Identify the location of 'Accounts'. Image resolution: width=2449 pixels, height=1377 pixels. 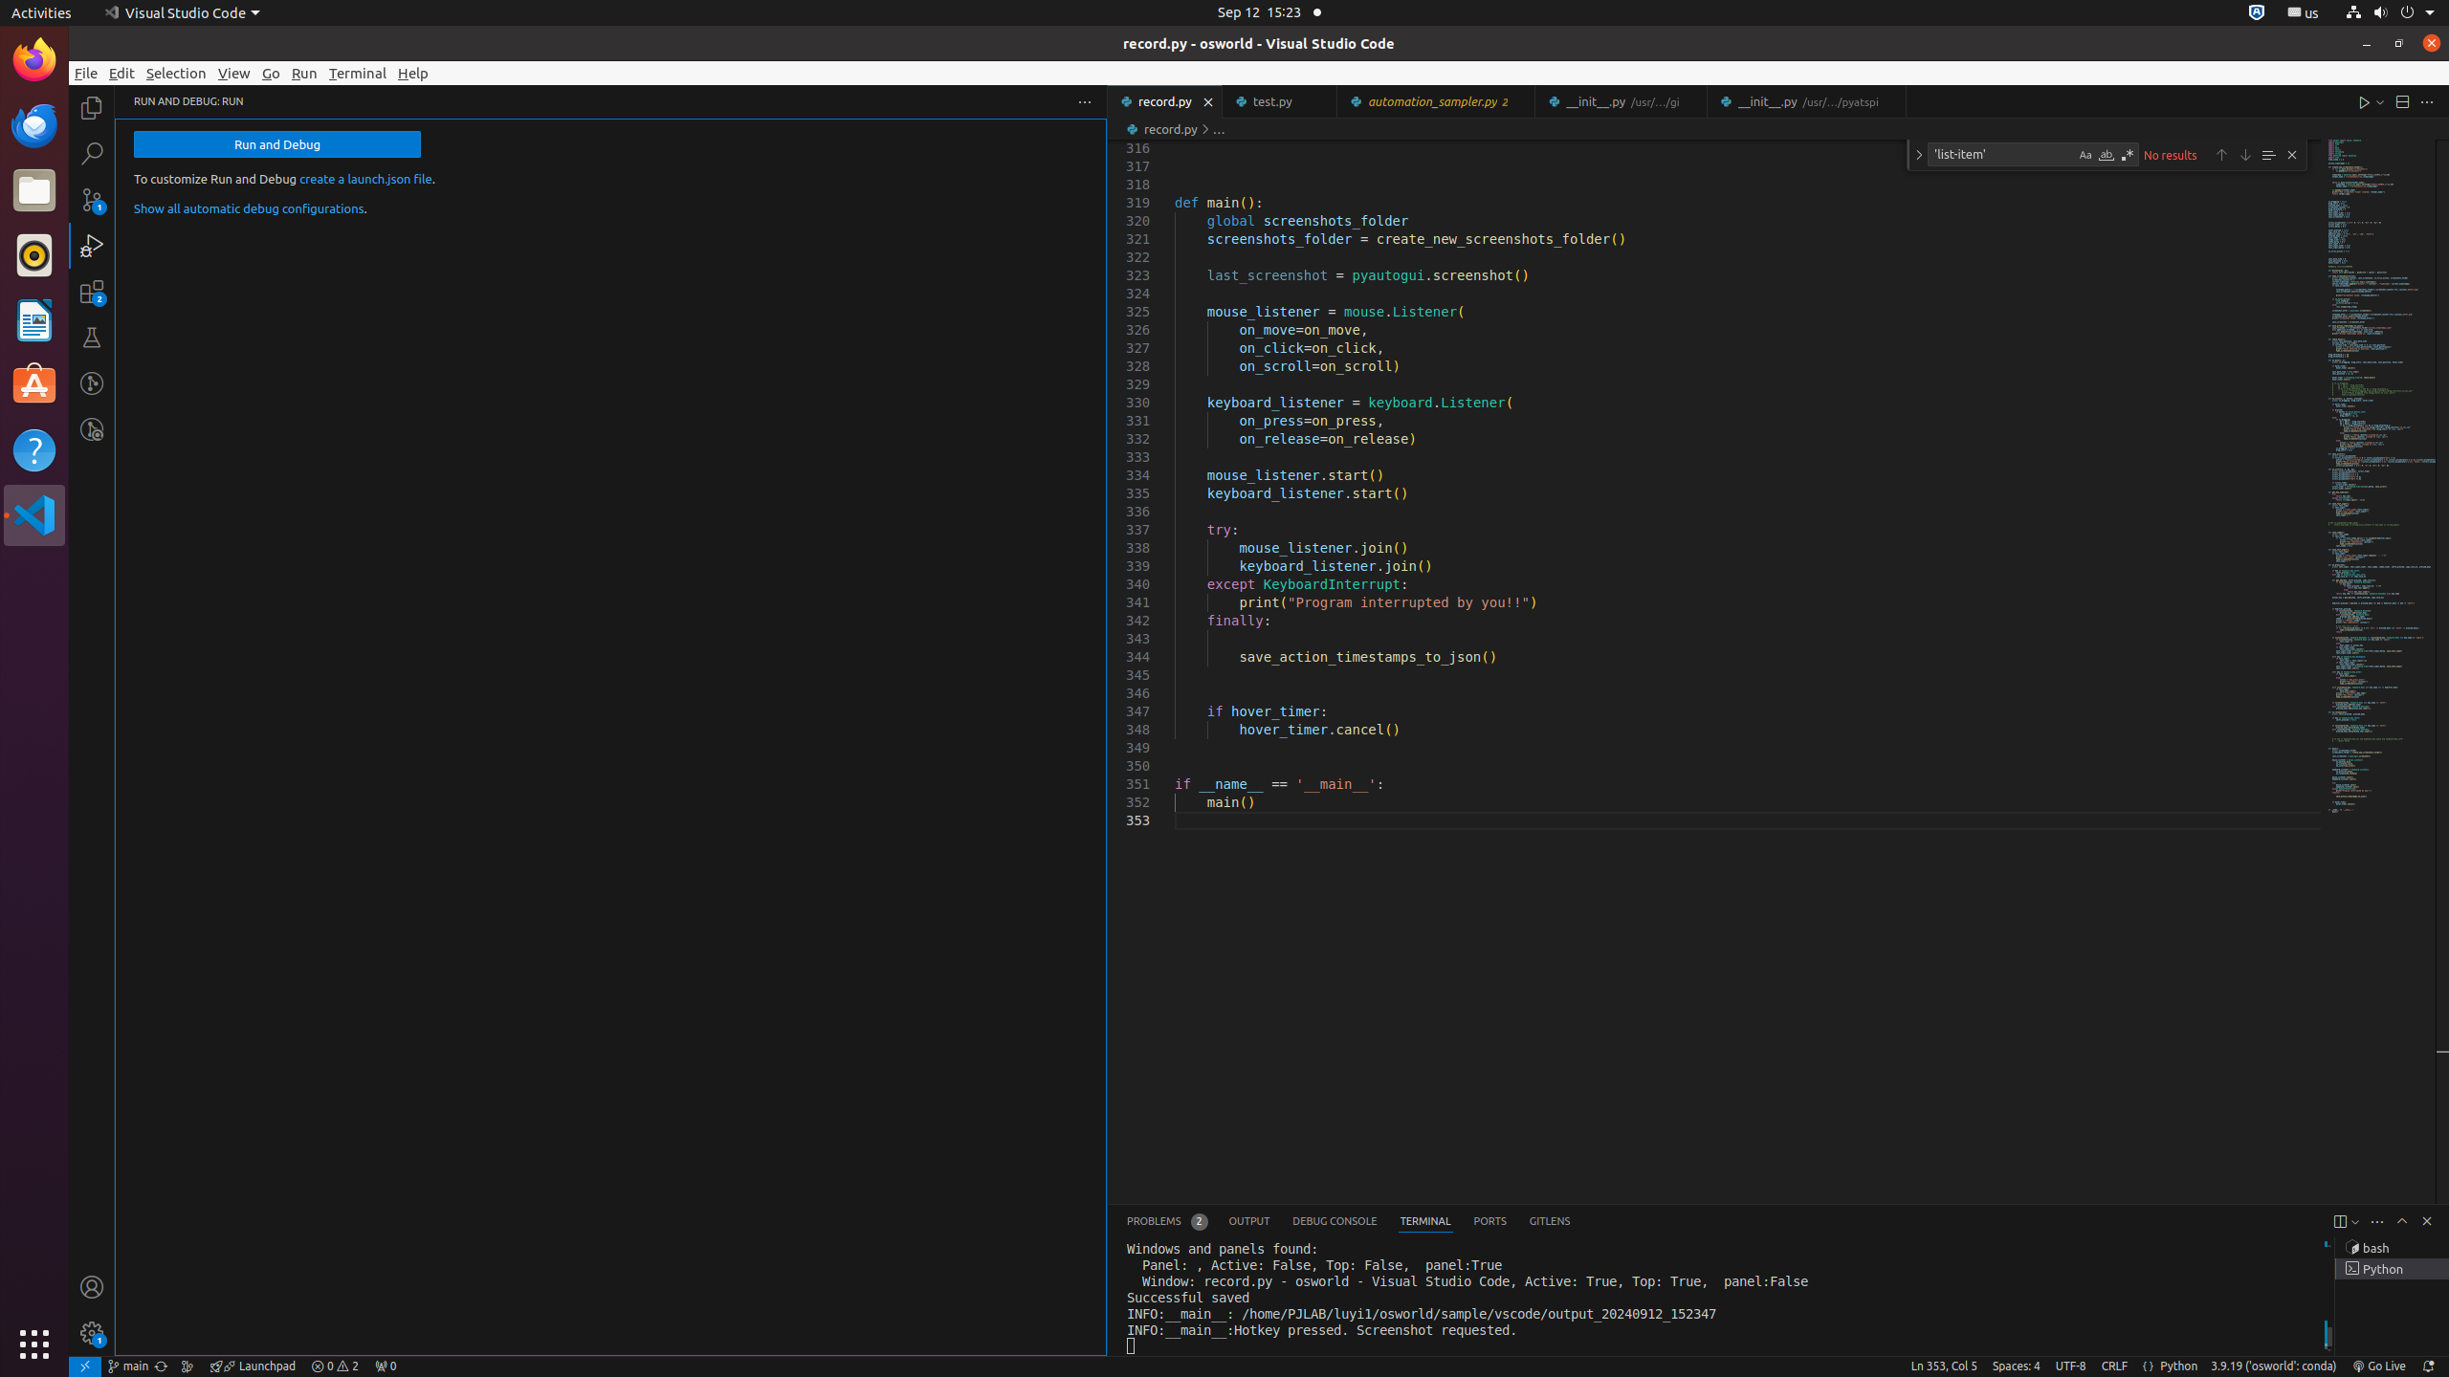
(91, 1285).